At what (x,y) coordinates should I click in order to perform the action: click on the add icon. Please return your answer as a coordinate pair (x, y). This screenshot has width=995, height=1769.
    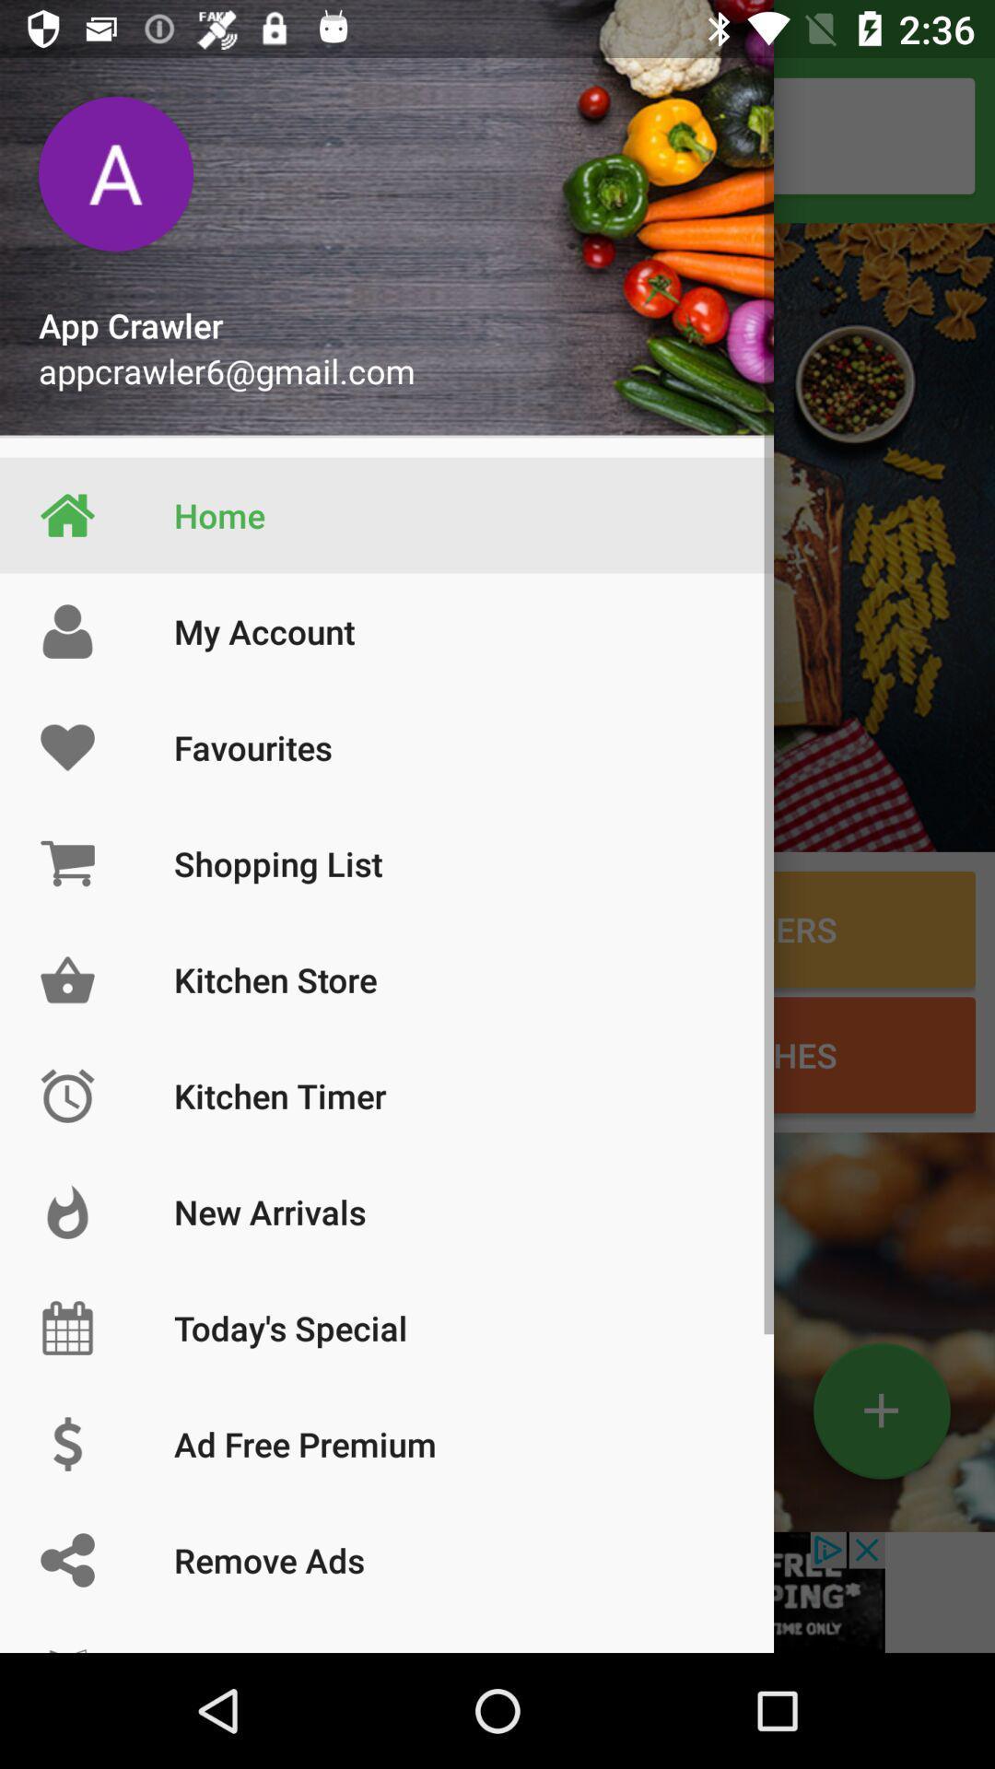
    Looking at the image, I should click on (880, 1417).